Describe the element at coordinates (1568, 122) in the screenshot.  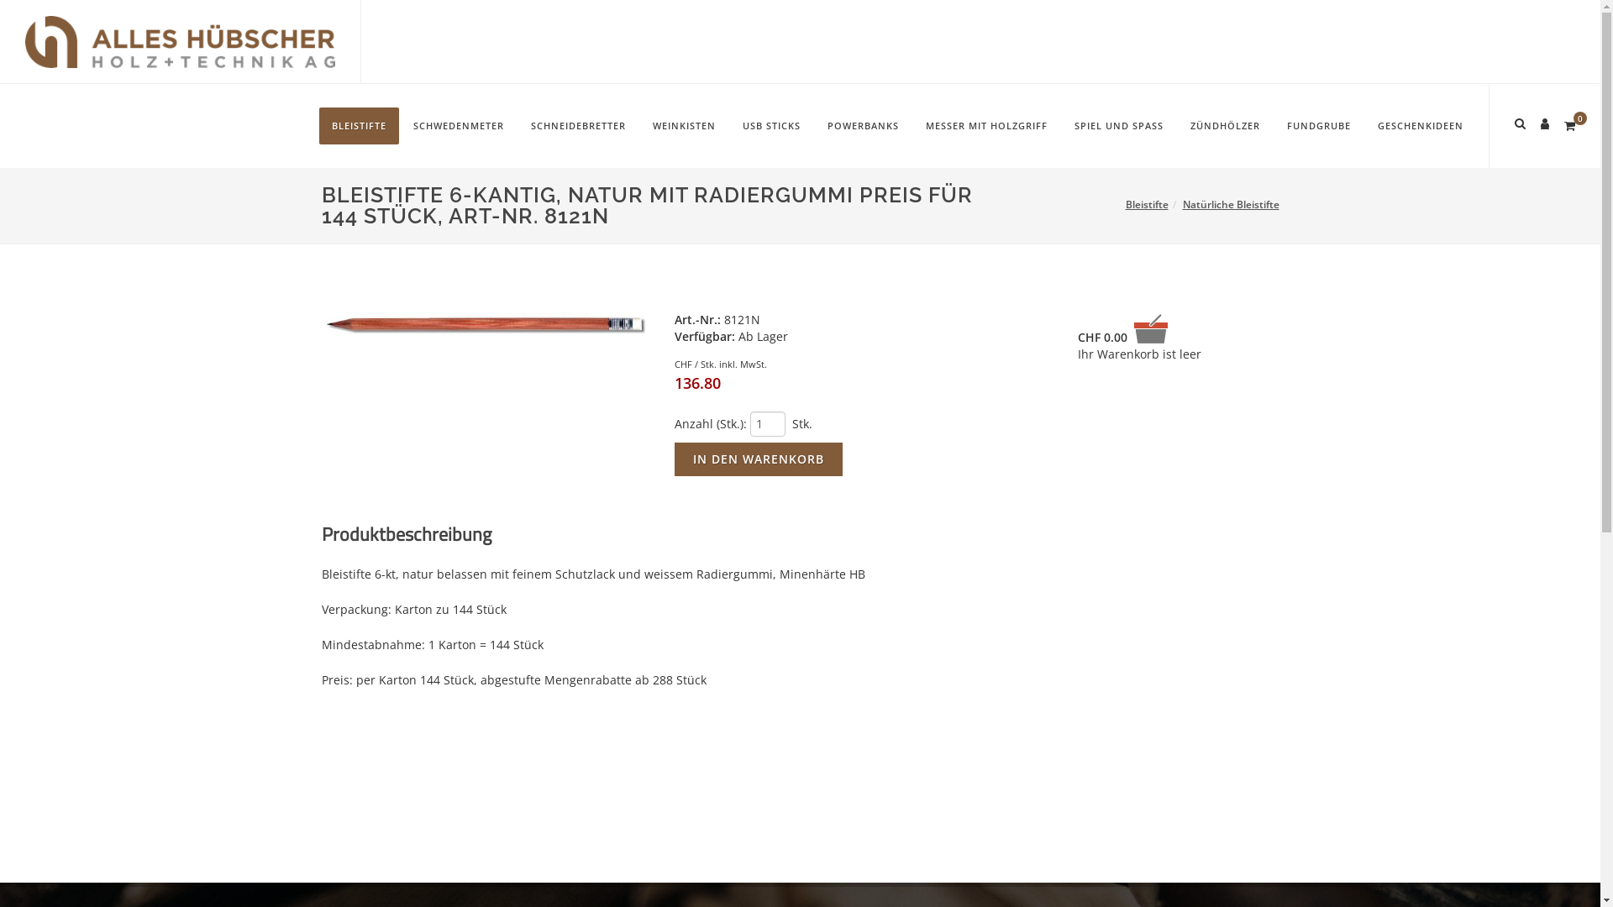
I see `'0'` at that location.